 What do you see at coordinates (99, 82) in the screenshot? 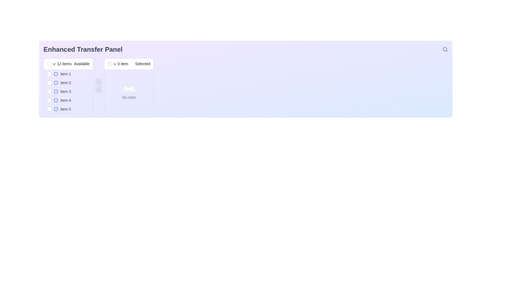
I see `the small button with a right-pointing arrow located between two list panels to transfer items` at bounding box center [99, 82].